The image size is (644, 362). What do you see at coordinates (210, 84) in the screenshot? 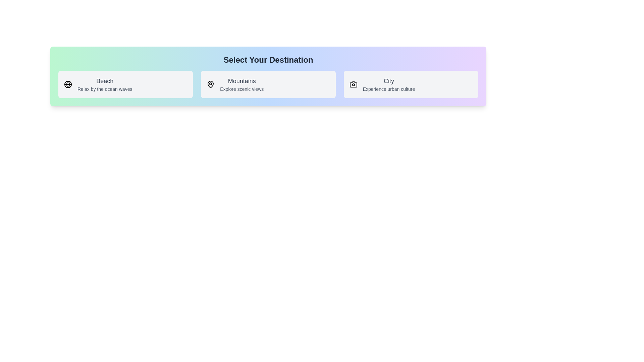
I see `the map pin icon with a black outline located in the 'Mountains' card, next to 'Explore scenic views' and above 'Mountains'` at bounding box center [210, 84].